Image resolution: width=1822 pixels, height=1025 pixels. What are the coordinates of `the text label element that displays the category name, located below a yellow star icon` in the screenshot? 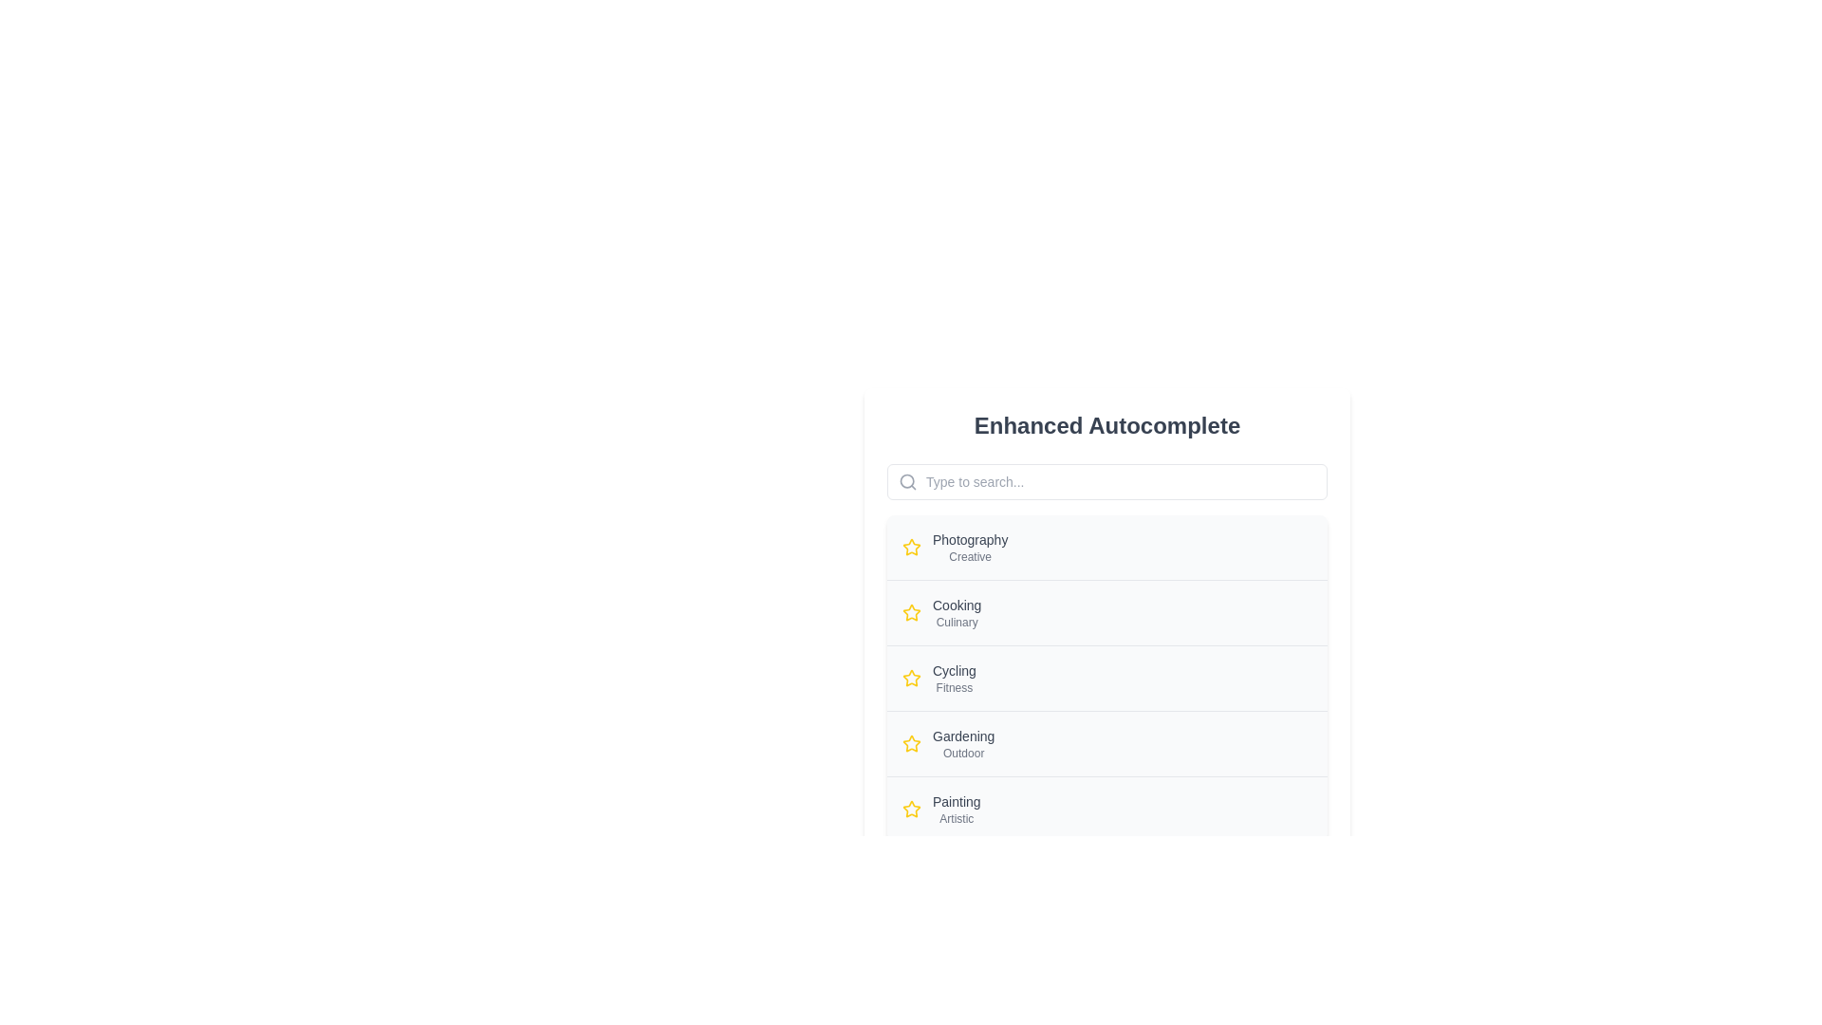 It's located at (963, 735).